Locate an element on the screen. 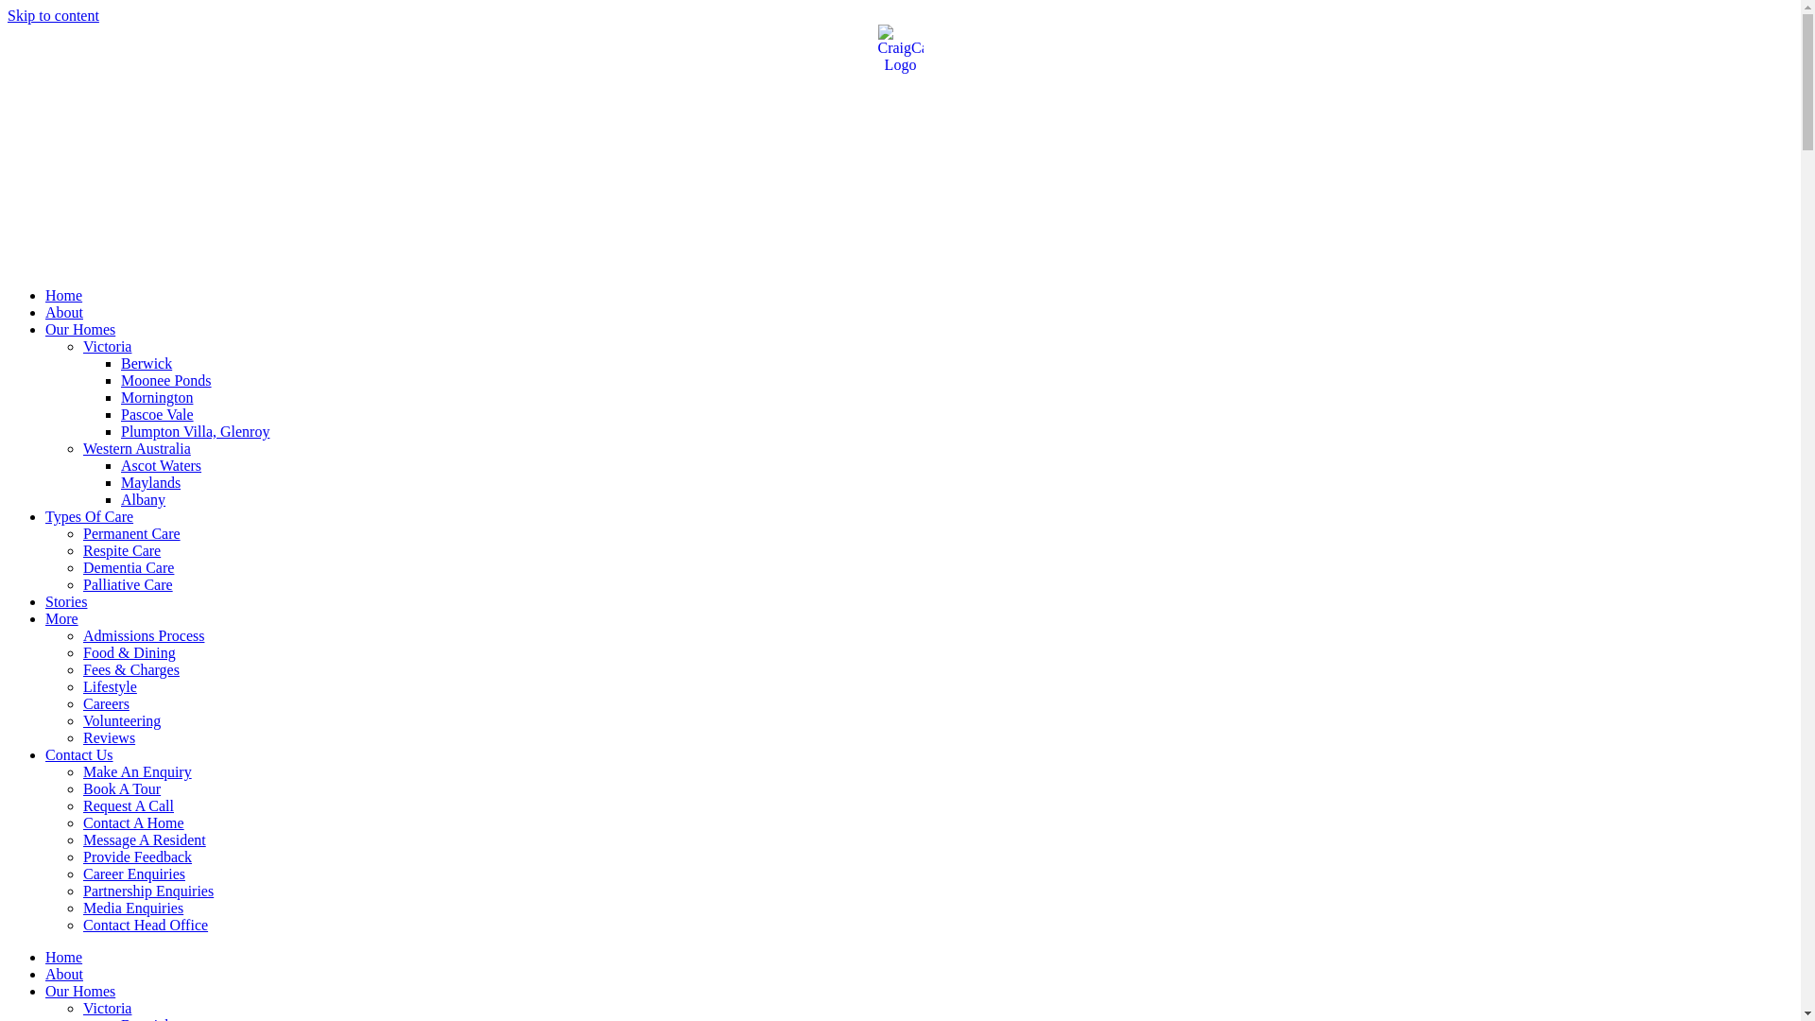  'Make An Enquiry' is located at coordinates (136, 771).